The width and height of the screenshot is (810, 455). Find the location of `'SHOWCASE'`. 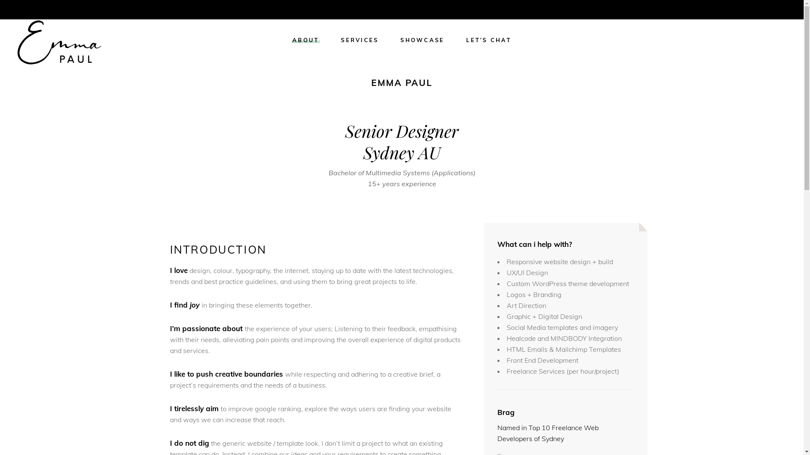

'SHOWCASE' is located at coordinates (389, 40).